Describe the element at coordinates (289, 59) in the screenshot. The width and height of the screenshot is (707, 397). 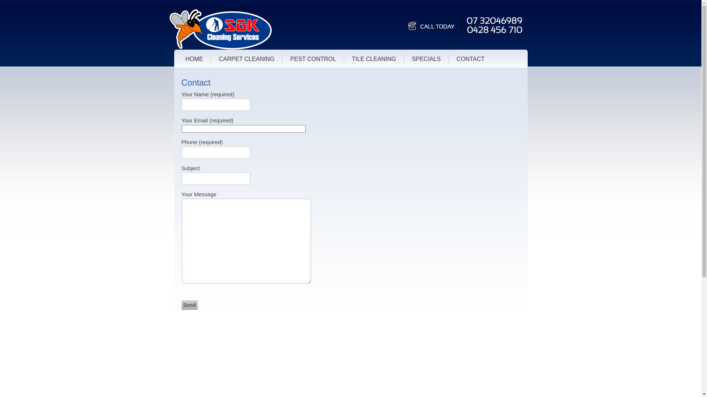
I see `'PEST CONTROL'` at that location.